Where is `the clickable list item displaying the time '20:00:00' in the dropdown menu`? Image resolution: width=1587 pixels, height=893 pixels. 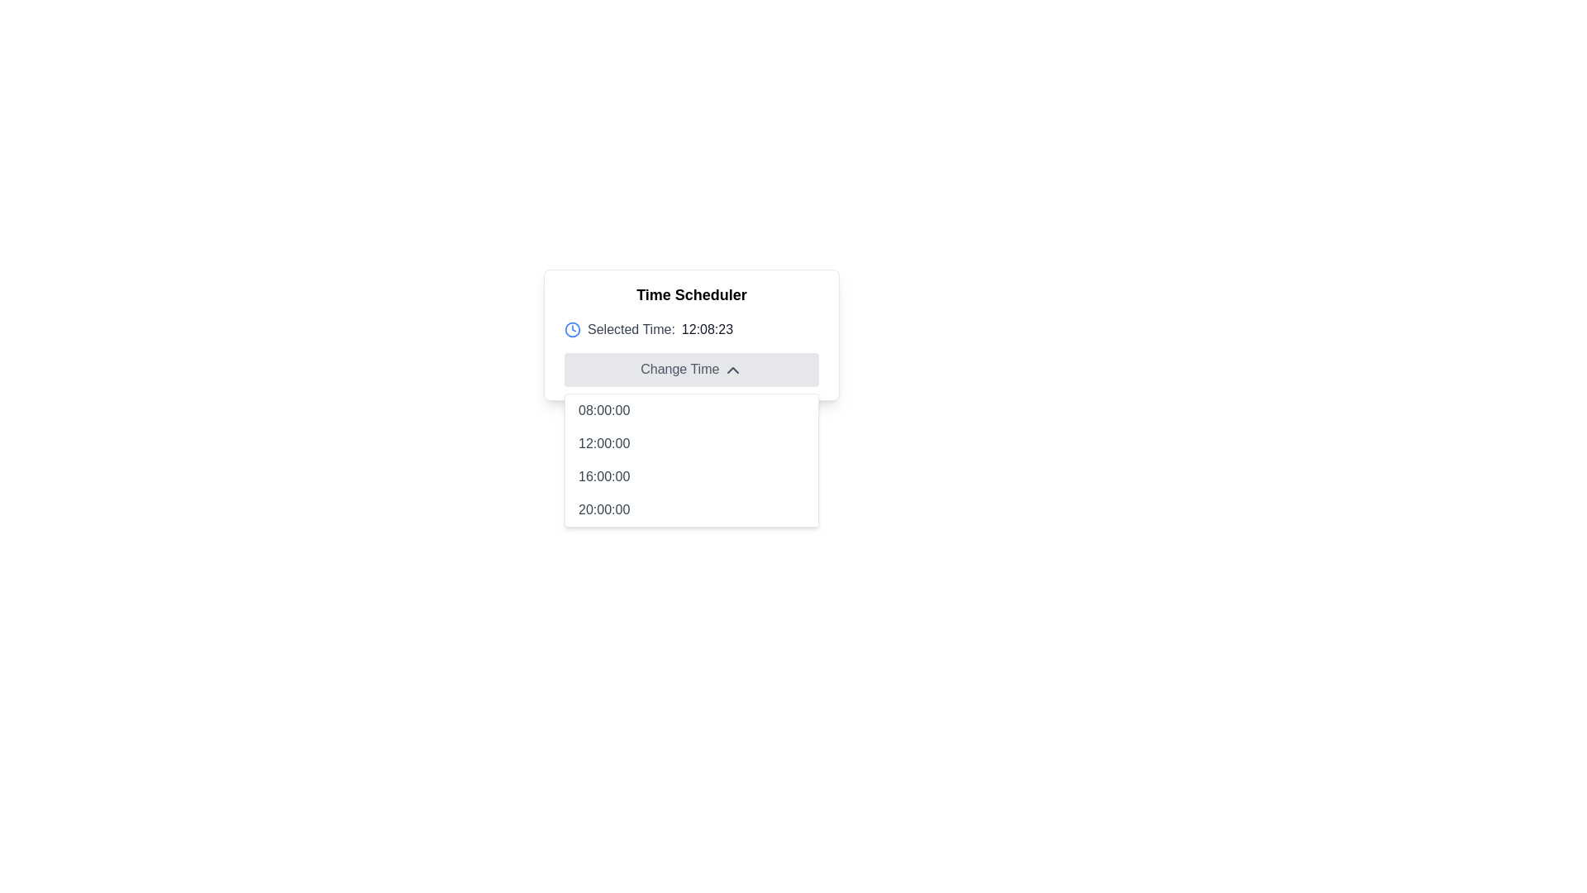 the clickable list item displaying the time '20:00:00' in the dropdown menu is located at coordinates (691, 509).